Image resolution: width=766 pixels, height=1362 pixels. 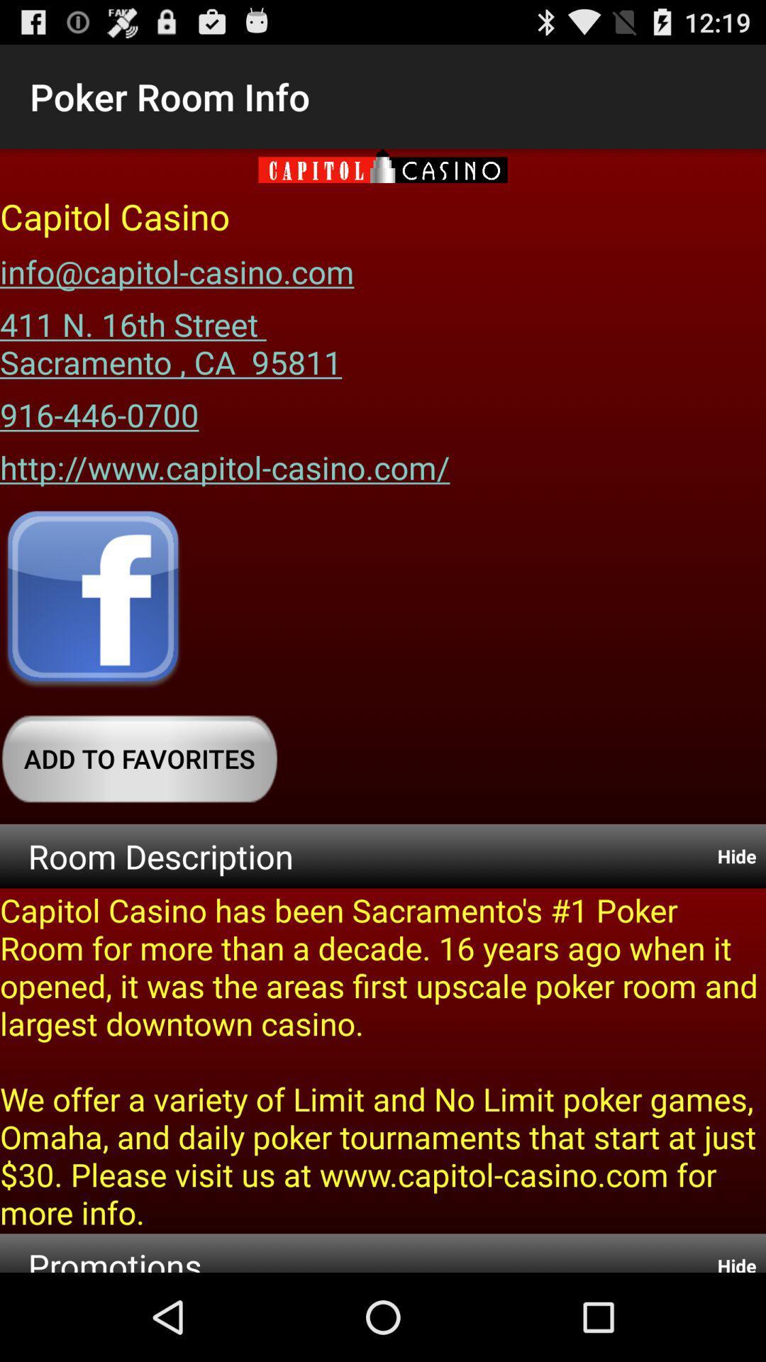 I want to click on the 411 n 16th, so click(x=170, y=337).